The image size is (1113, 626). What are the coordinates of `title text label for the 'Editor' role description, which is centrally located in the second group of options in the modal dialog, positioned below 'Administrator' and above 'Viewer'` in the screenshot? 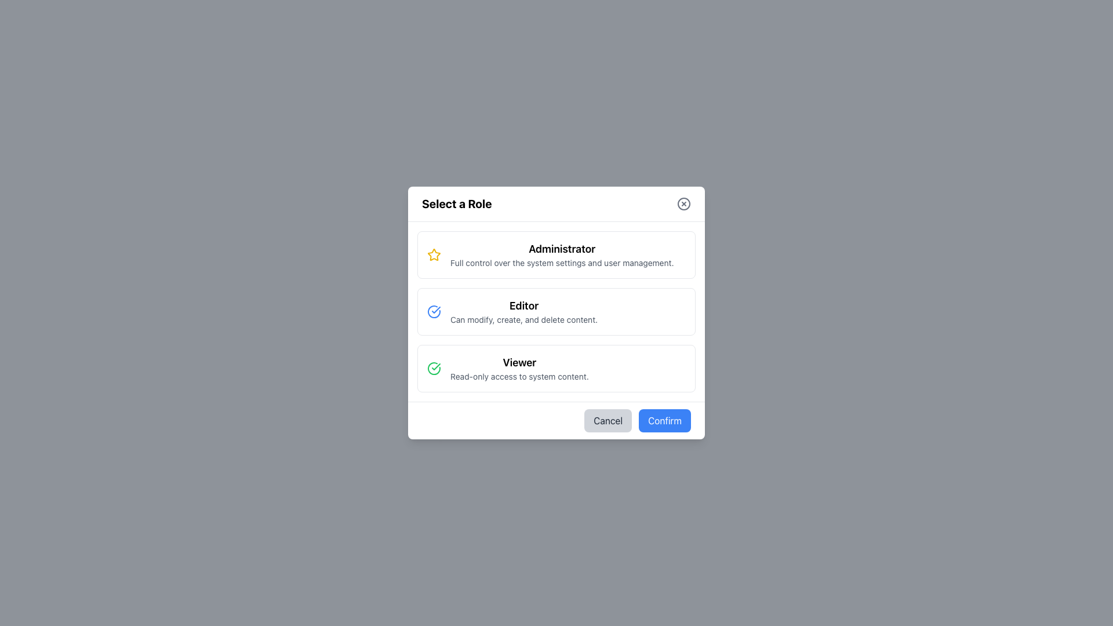 It's located at (523, 305).